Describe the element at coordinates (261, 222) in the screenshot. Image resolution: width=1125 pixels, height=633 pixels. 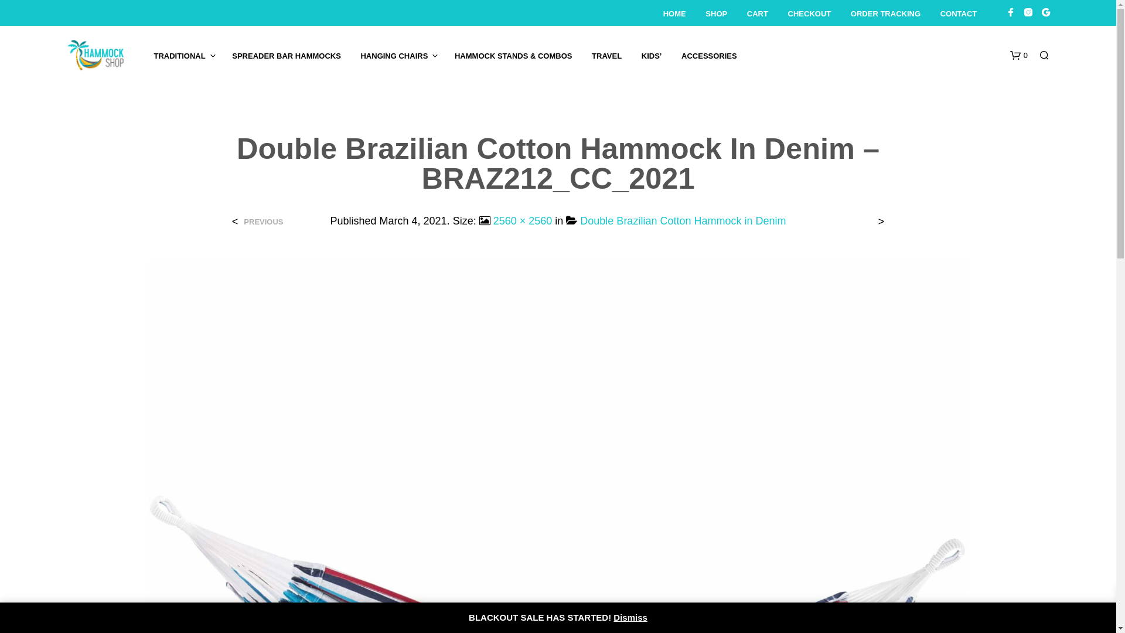
I see `'PREVIOUS'` at that location.